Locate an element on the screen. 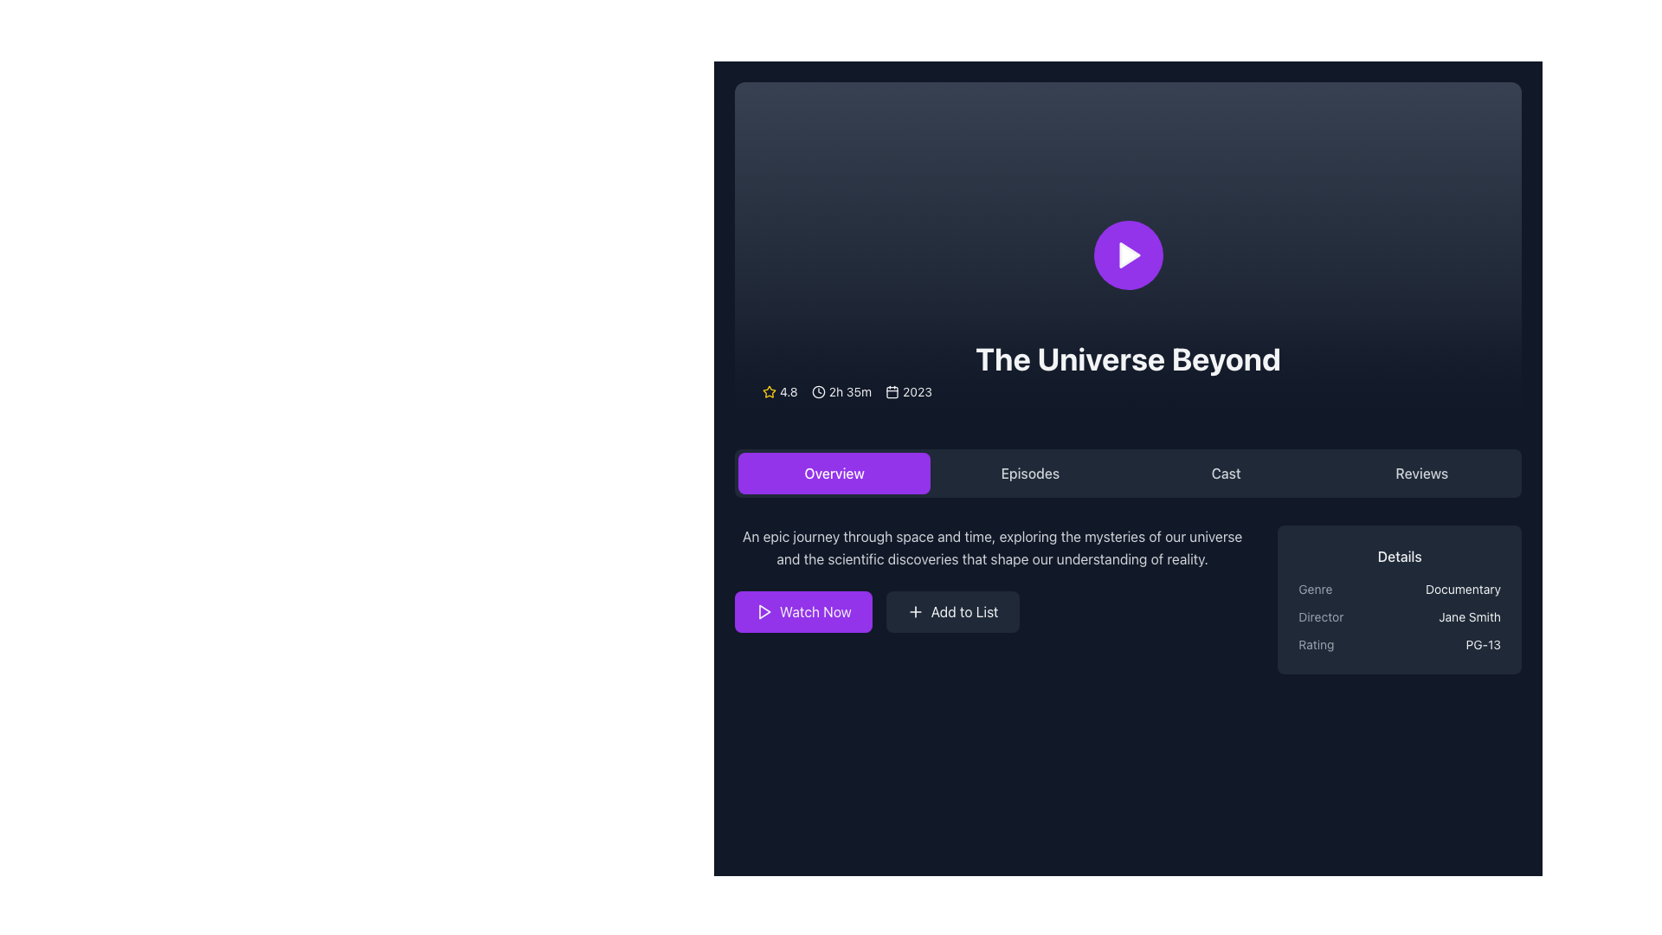 Image resolution: width=1662 pixels, height=935 pixels. the calendar icon located to the left of the '2023' text, which serves as an interactive button is located at coordinates (892, 391).